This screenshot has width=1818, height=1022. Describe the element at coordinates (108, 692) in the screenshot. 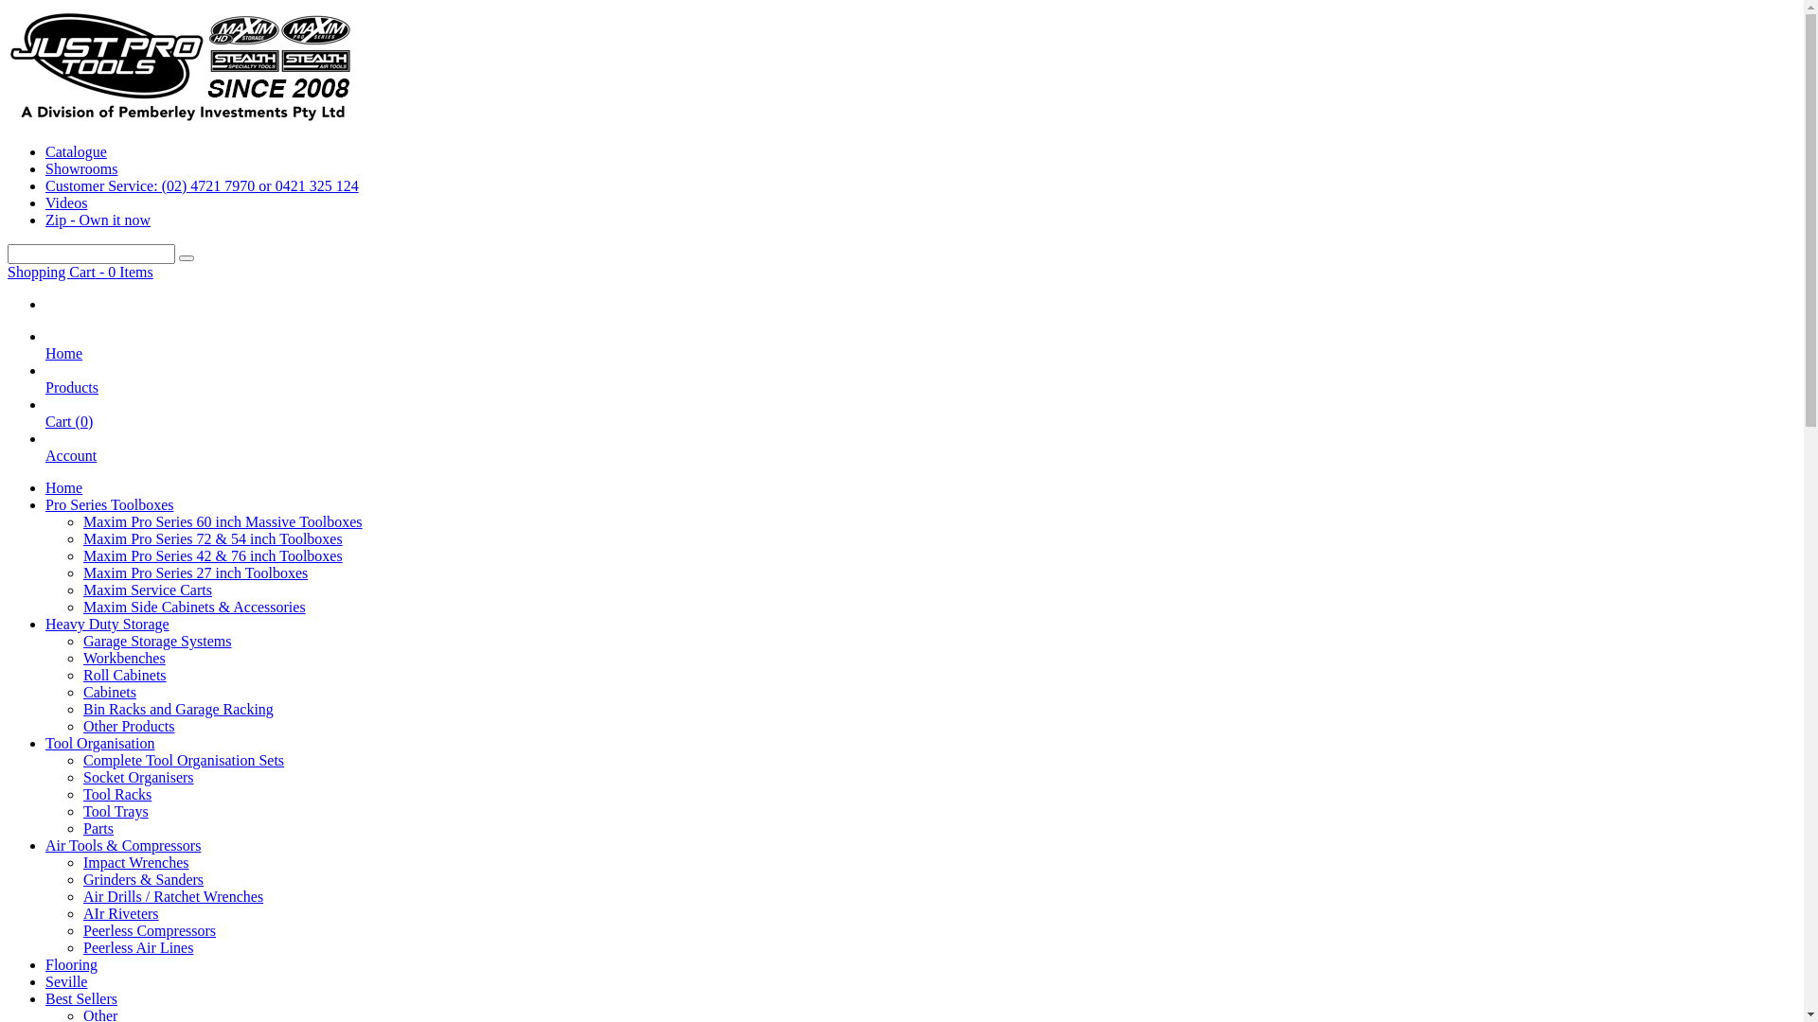

I see `'Cabinets'` at that location.